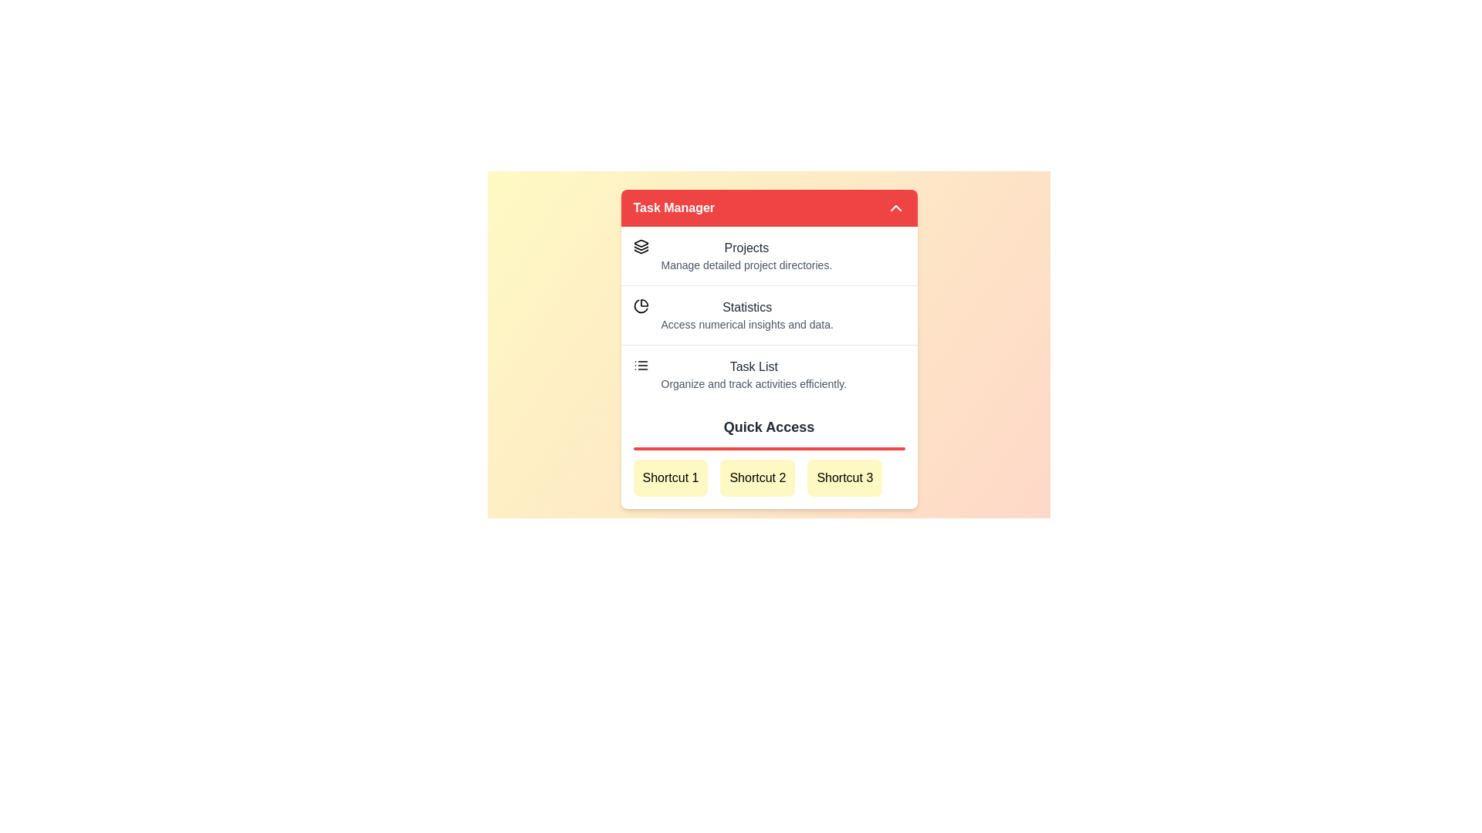 The width and height of the screenshot is (1482, 833). What do you see at coordinates (769, 255) in the screenshot?
I see `the menu item Projects to visualize its hover effect` at bounding box center [769, 255].